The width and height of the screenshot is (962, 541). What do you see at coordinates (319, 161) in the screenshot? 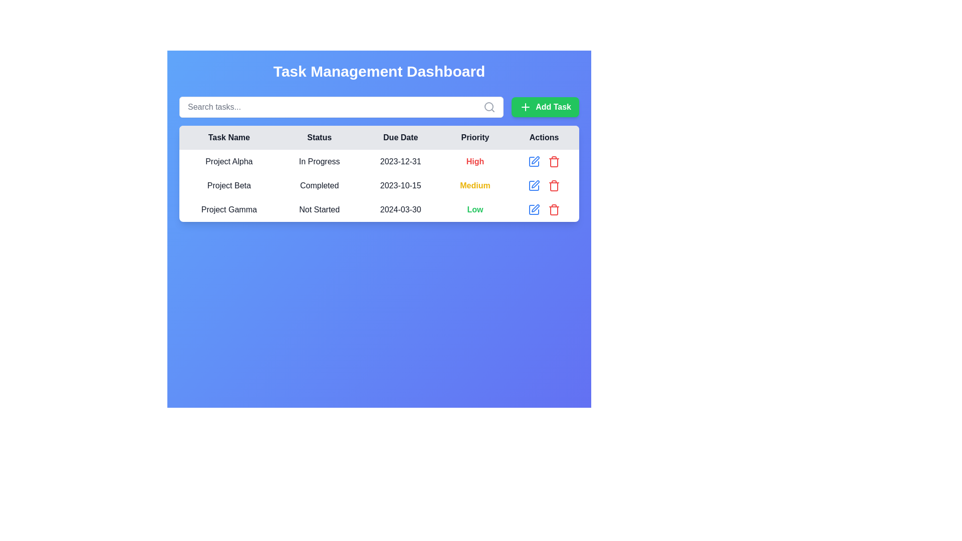
I see `the text label that represents the current status of 'Project Alpha', located in the second column of the corresponding row in the table, adjacent to the 'Status' column header` at bounding box center [319, 161].